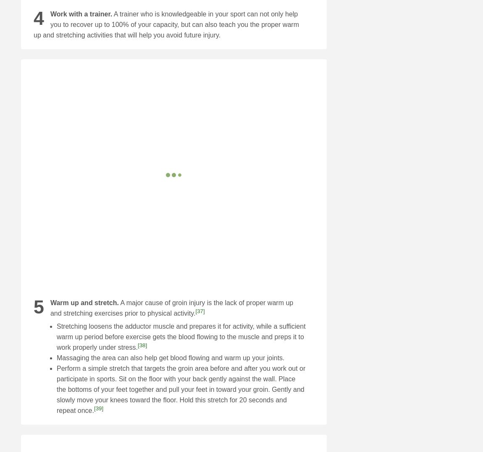  Describe the element at coordinates (142, 345) in the screenshot. I see `'[38]'` at that location.